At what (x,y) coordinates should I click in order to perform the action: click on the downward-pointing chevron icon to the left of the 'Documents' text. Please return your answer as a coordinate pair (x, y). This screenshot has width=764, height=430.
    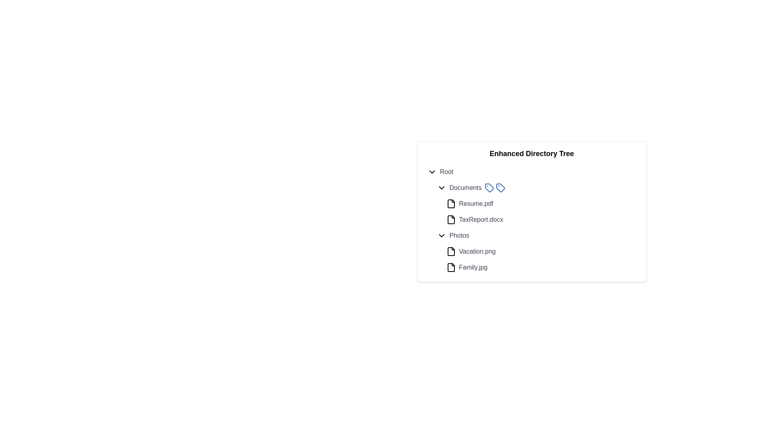
    Looking at the image, I should click on (441, 188).